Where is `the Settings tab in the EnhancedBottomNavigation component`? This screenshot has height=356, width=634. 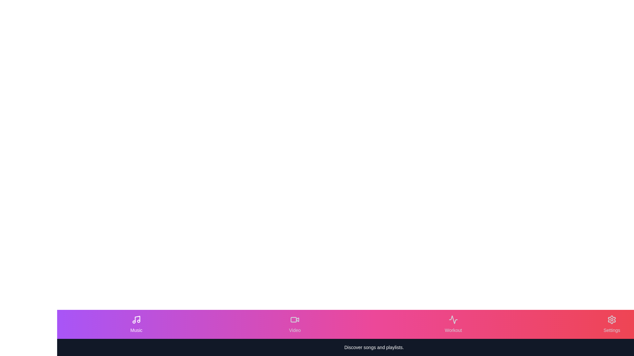 the Settings tab in the EnhancedBottomNavigation component is located at coordinates (611, 324).